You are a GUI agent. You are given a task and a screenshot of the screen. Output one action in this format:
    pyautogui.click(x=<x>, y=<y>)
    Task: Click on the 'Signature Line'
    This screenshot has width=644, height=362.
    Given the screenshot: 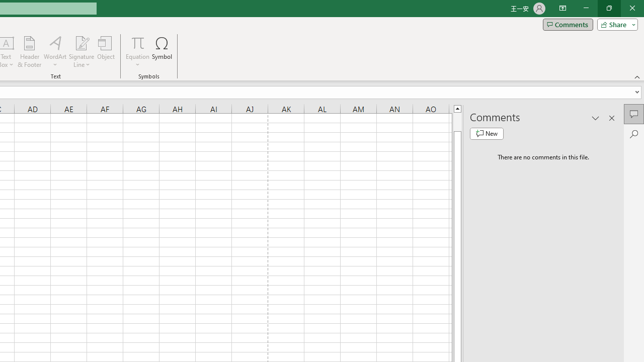 What is the action you would take?
    pyautogui.click(x=81, y=42)
    